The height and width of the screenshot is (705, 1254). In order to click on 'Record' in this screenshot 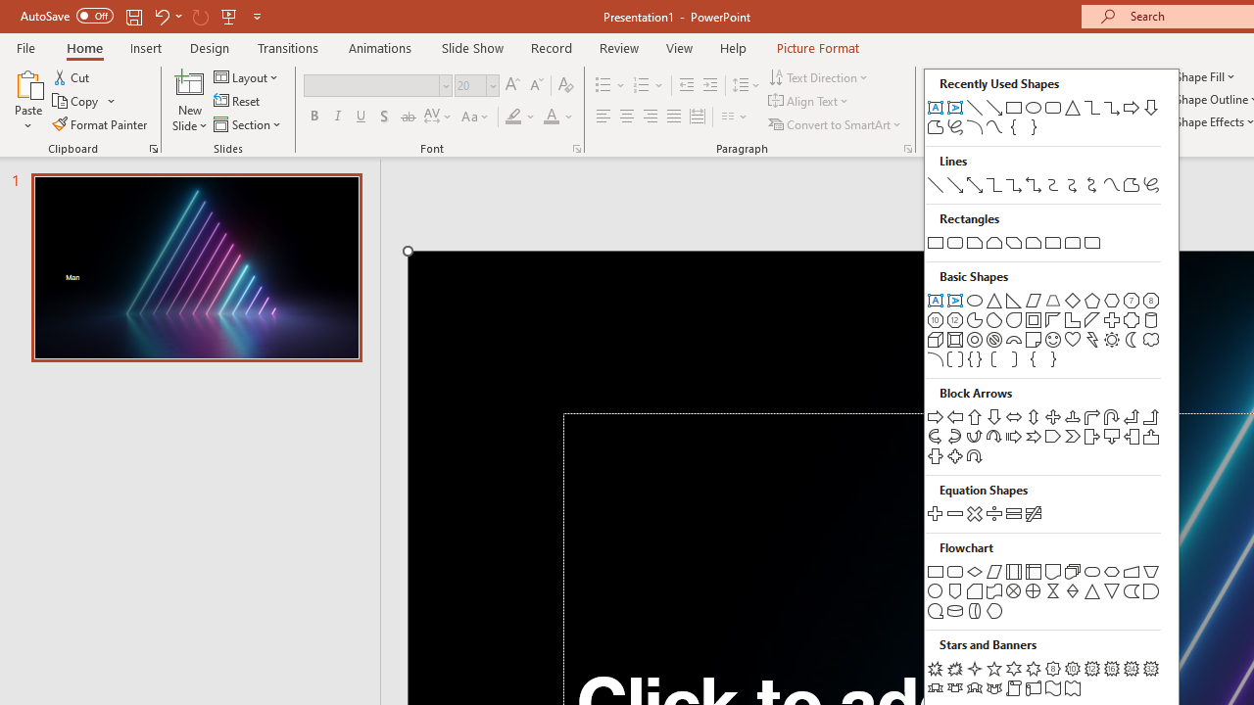, I will do `click(550, 47)`.